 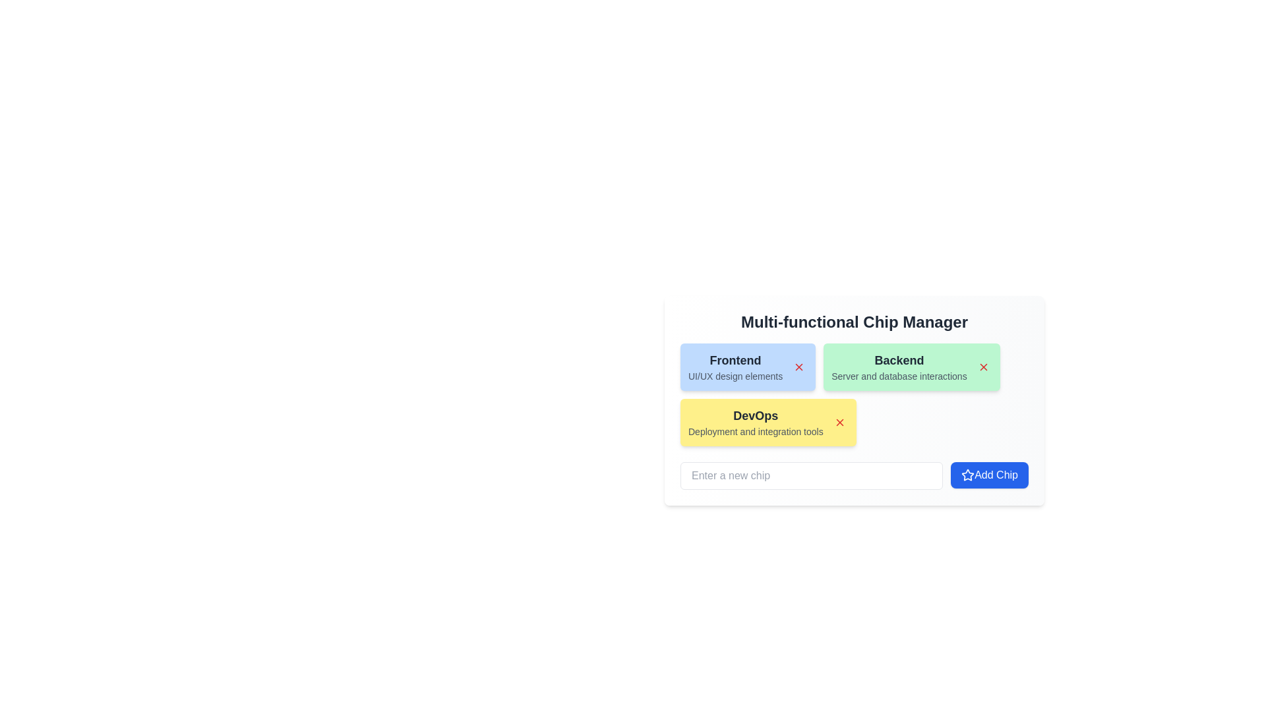 I want to click on information displayed in the Text Label located below the 'Backend' title on the light green card, so click(x=898, y=376).